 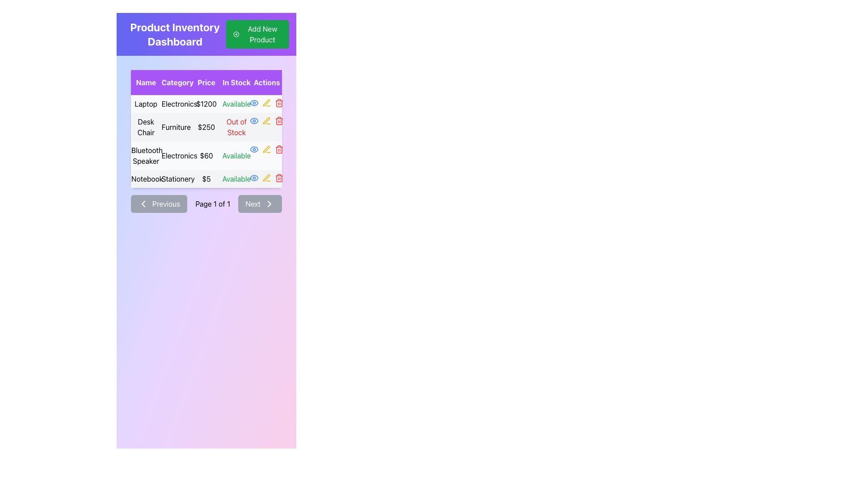 What do you see at coordinates (236, 127) in the screenshot?
I see `the static text label indicating that the Desk Chair is not available for purchase, located in the second row of the table under the 'In Stock' column, to the right of the '$250' cell` at bounding box center [236, 127].